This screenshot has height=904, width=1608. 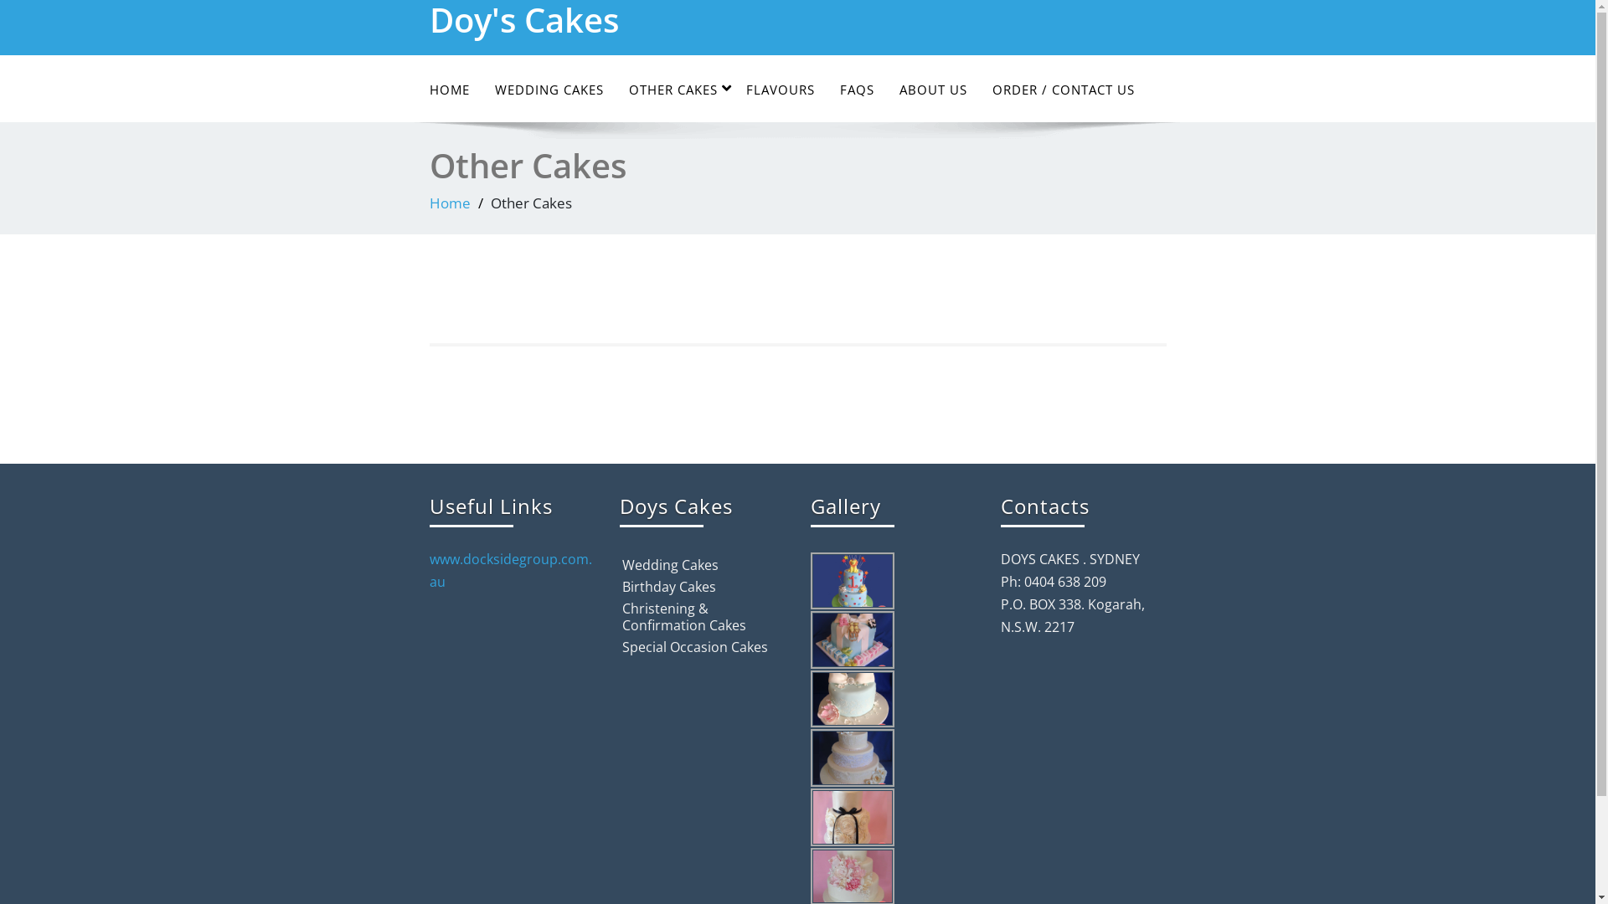 I want to click on 'WEDDING CAKES', so click(x=549, y=90).